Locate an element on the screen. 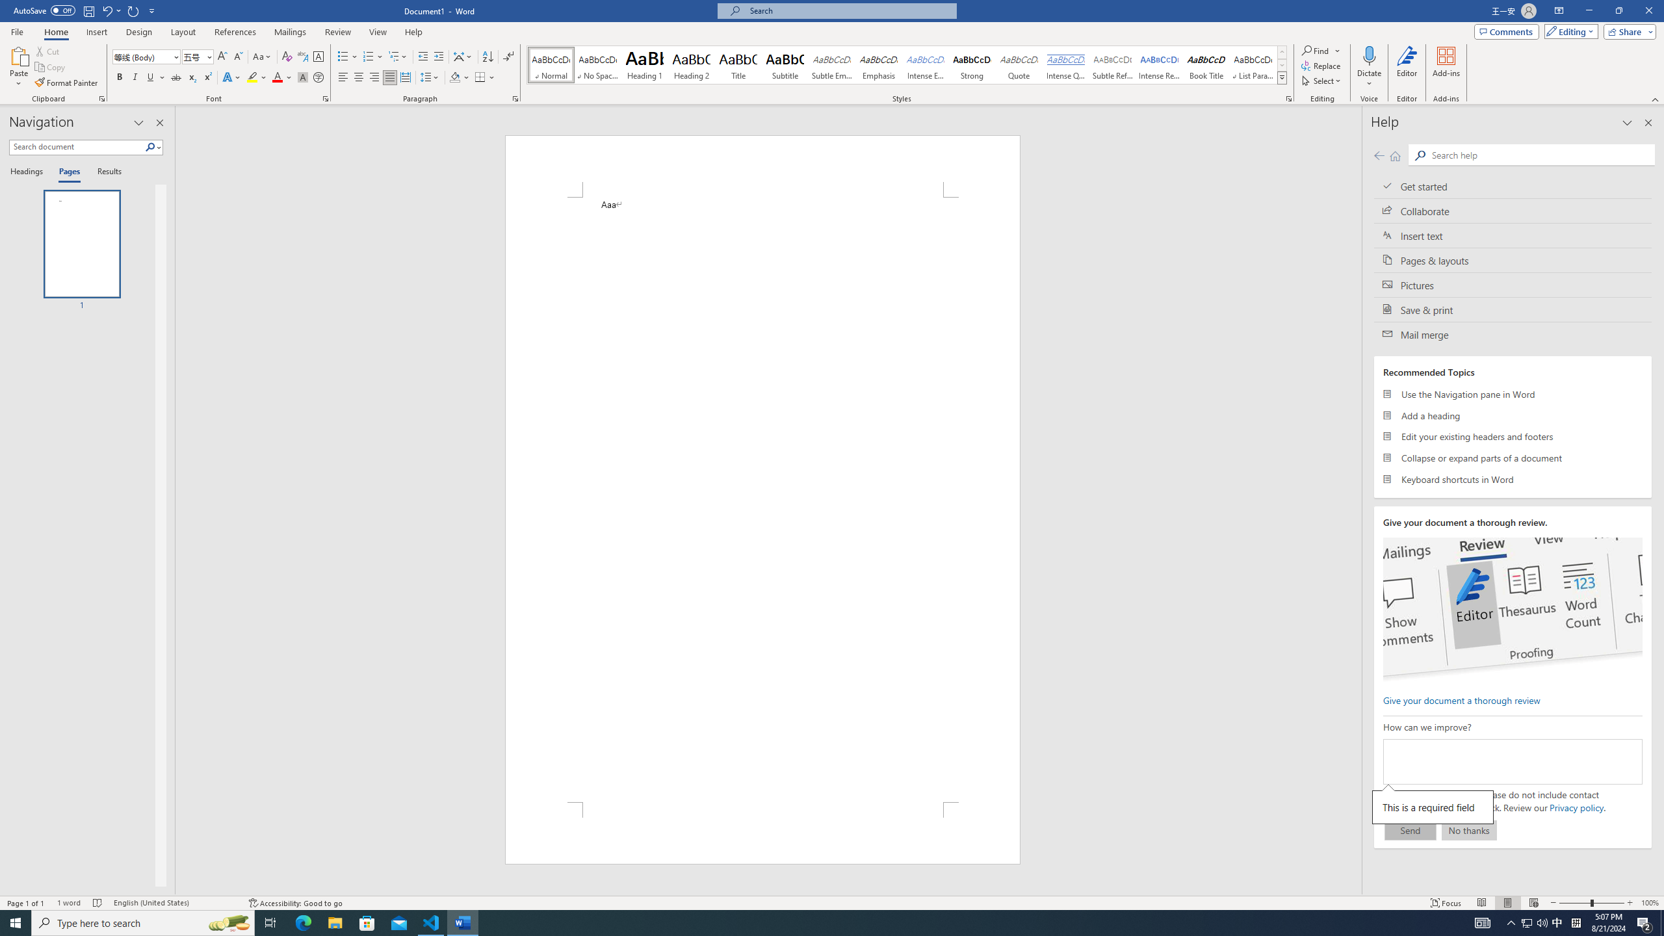 The height and width of the screenshot is (936, 1664). 'Font Color Red' is located at coordinates (276, 77).